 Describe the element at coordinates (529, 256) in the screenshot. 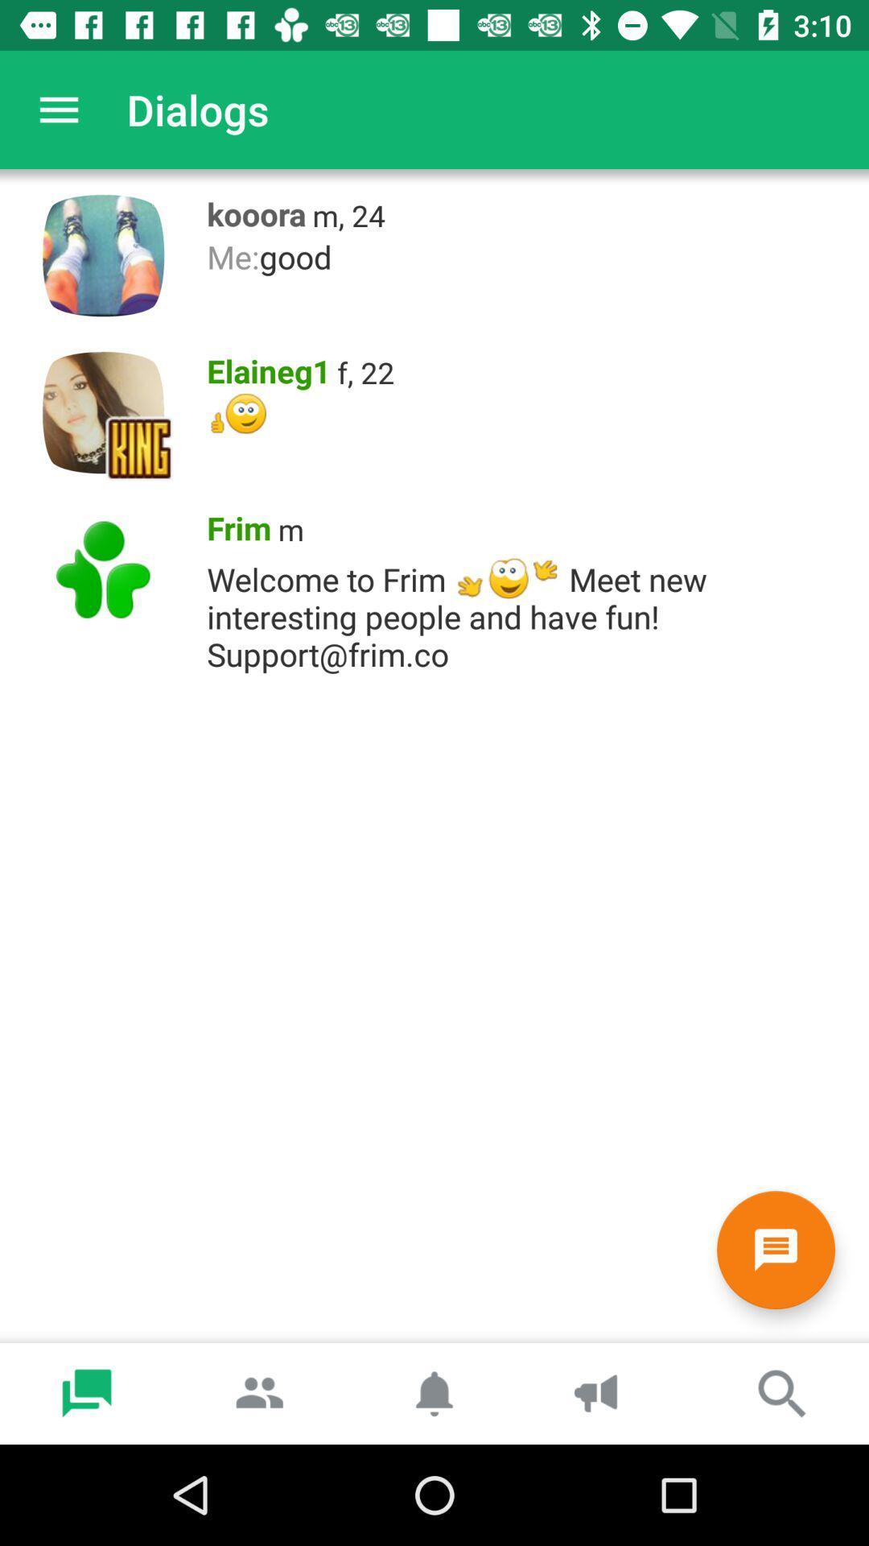

I see `item above the elaineg1 icon` at that location.